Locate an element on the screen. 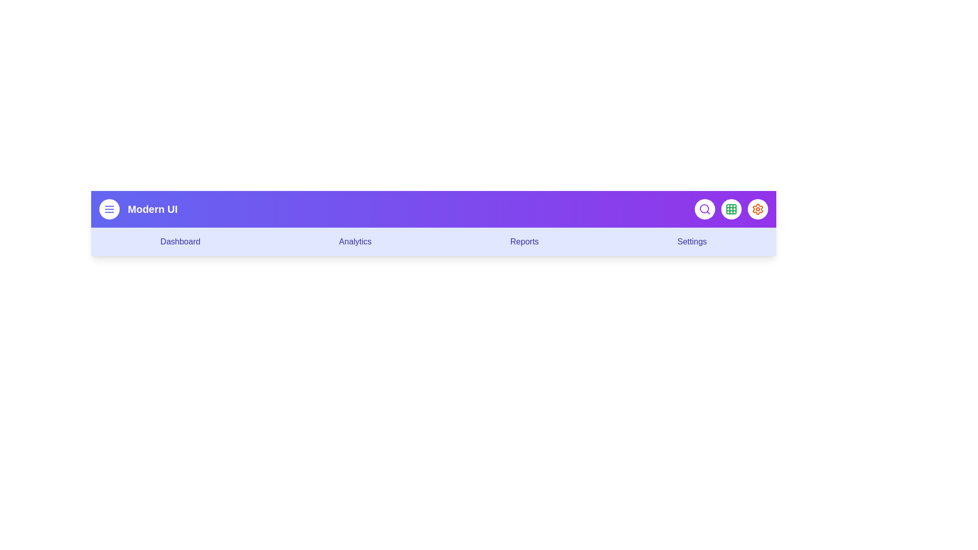 This screenshot has width=978, height=550. the menu button to toggle the menu visibility is located at coordinates (110, 209).